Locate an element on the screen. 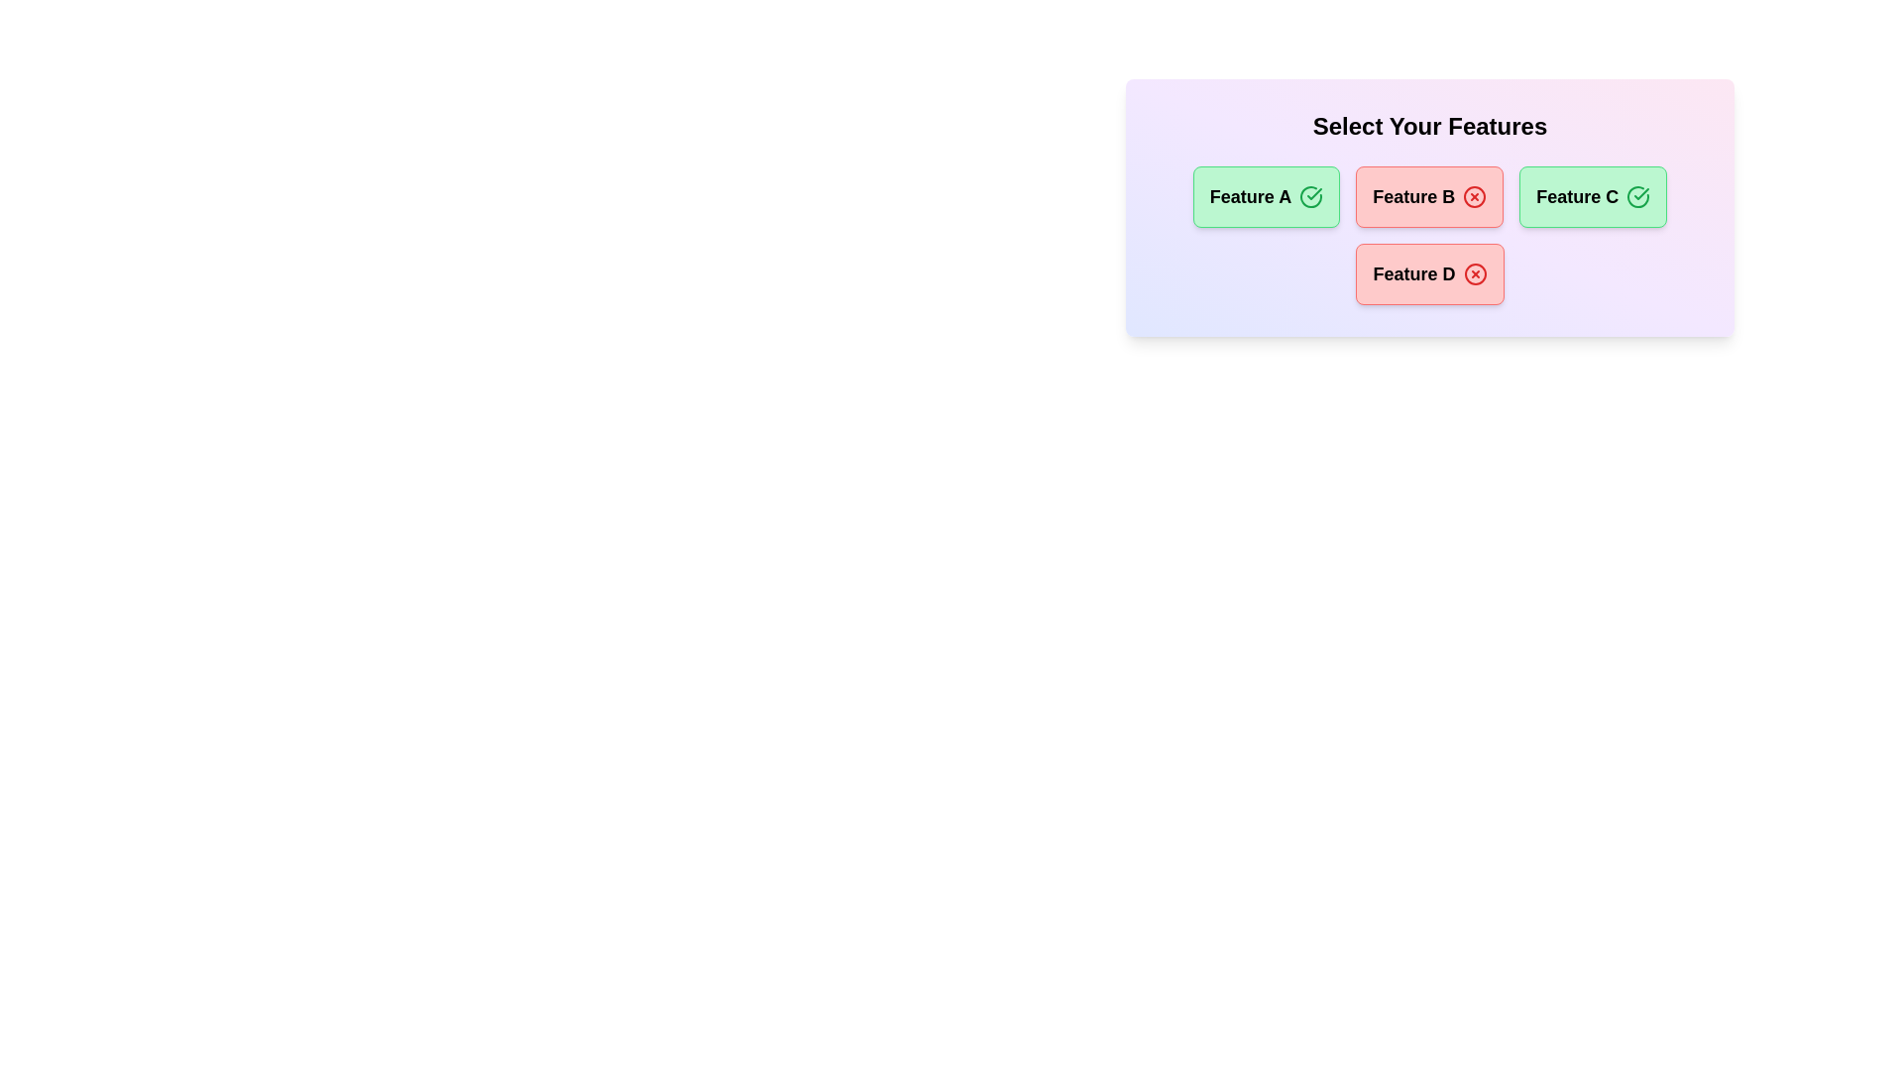 The image size is (1903, 1070). the chip corresponding to Feature D to toggle its state is located at coordinates (1430, 274).